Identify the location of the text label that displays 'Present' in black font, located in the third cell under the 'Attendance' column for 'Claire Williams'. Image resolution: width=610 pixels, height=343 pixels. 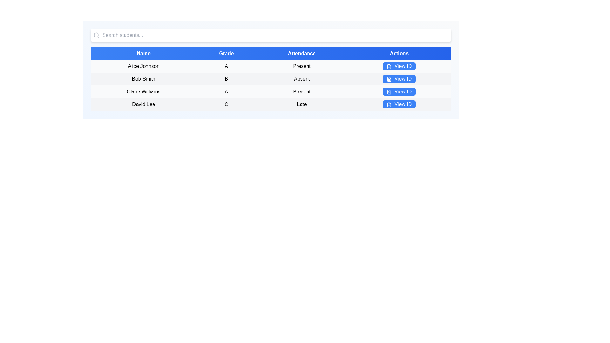
(302, 92).